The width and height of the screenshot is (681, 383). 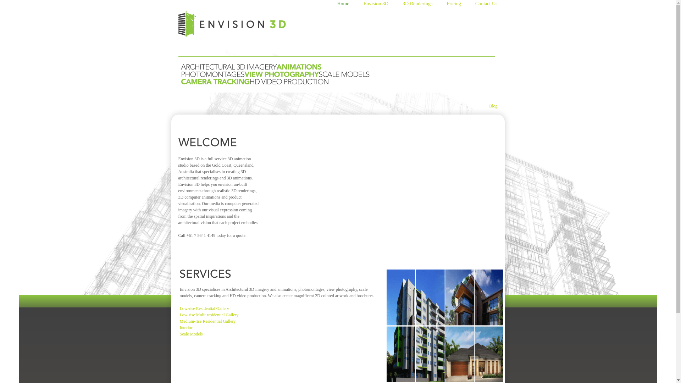 I want to click on 'Blog', so click(x=488, y=106).